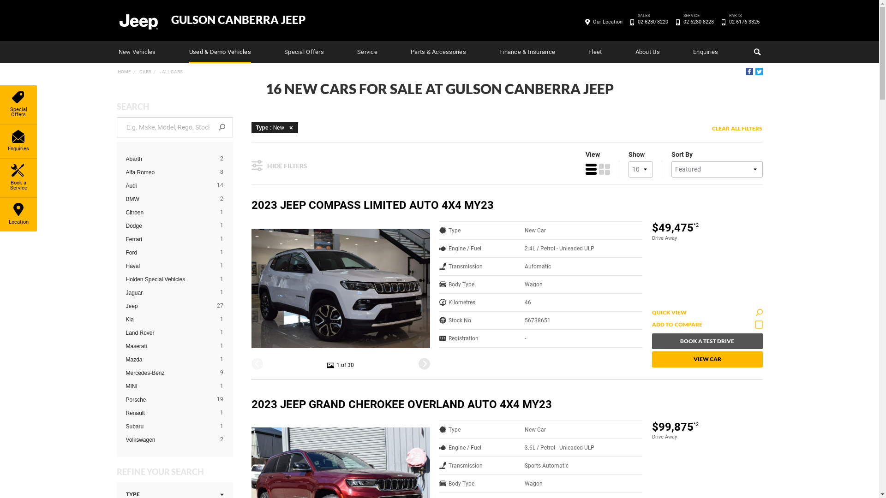 This screenshot has width=886, height=498. I want to click on 'SALES, so click(652, 21).